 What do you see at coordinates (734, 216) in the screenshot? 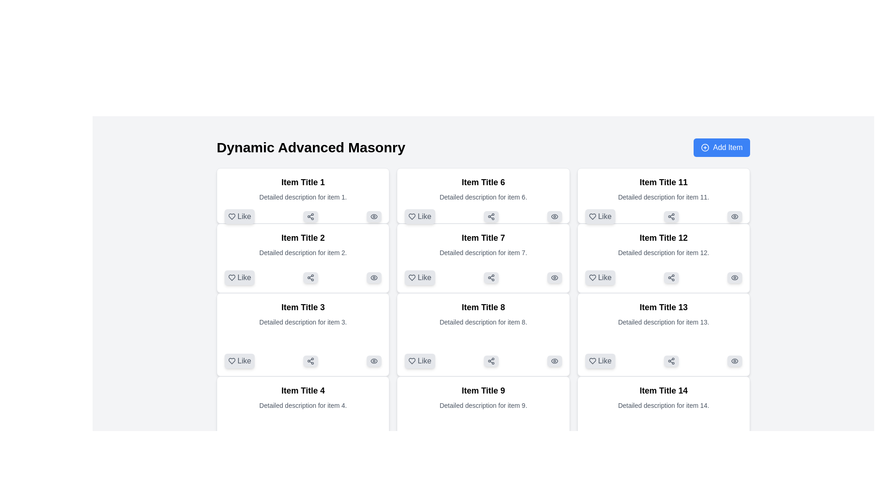
I see `the eye-shaped icon located at the top-right corner of the 'Item Title 11' box` at bounding box center [734, 216].